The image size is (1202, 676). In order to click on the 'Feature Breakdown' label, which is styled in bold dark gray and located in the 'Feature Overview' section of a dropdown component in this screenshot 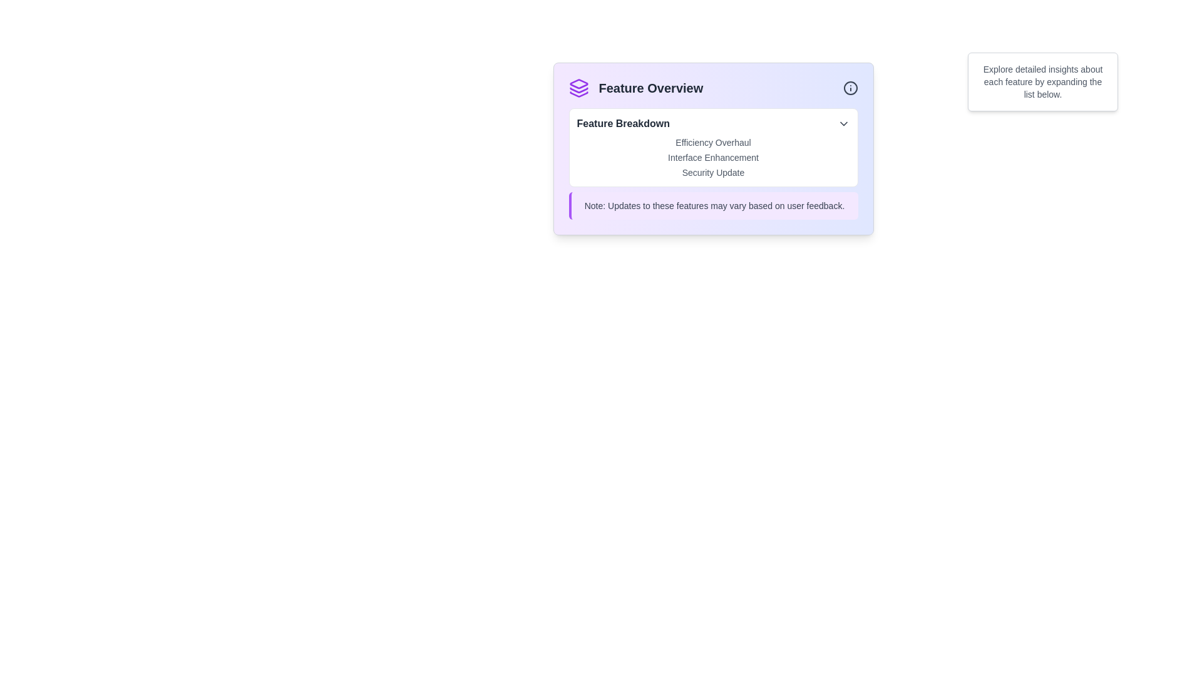, I will do `click(623, 123)`.